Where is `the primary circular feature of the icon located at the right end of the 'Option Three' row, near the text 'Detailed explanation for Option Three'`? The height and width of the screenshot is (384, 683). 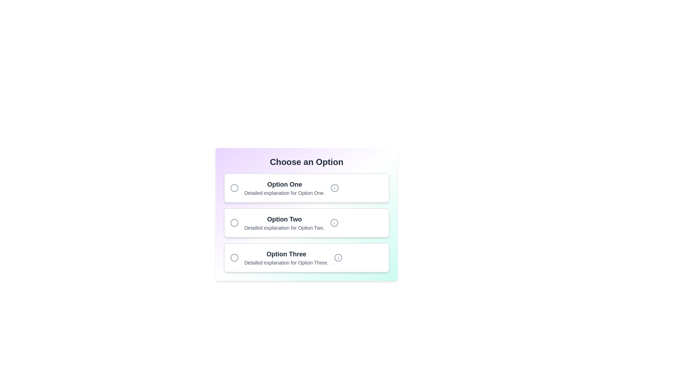 the primary circular feature of the icon located at the right end of the 'Option Three' row, near the text 'Detailed explanation for Option Three' is located at coordinates (338, 258).